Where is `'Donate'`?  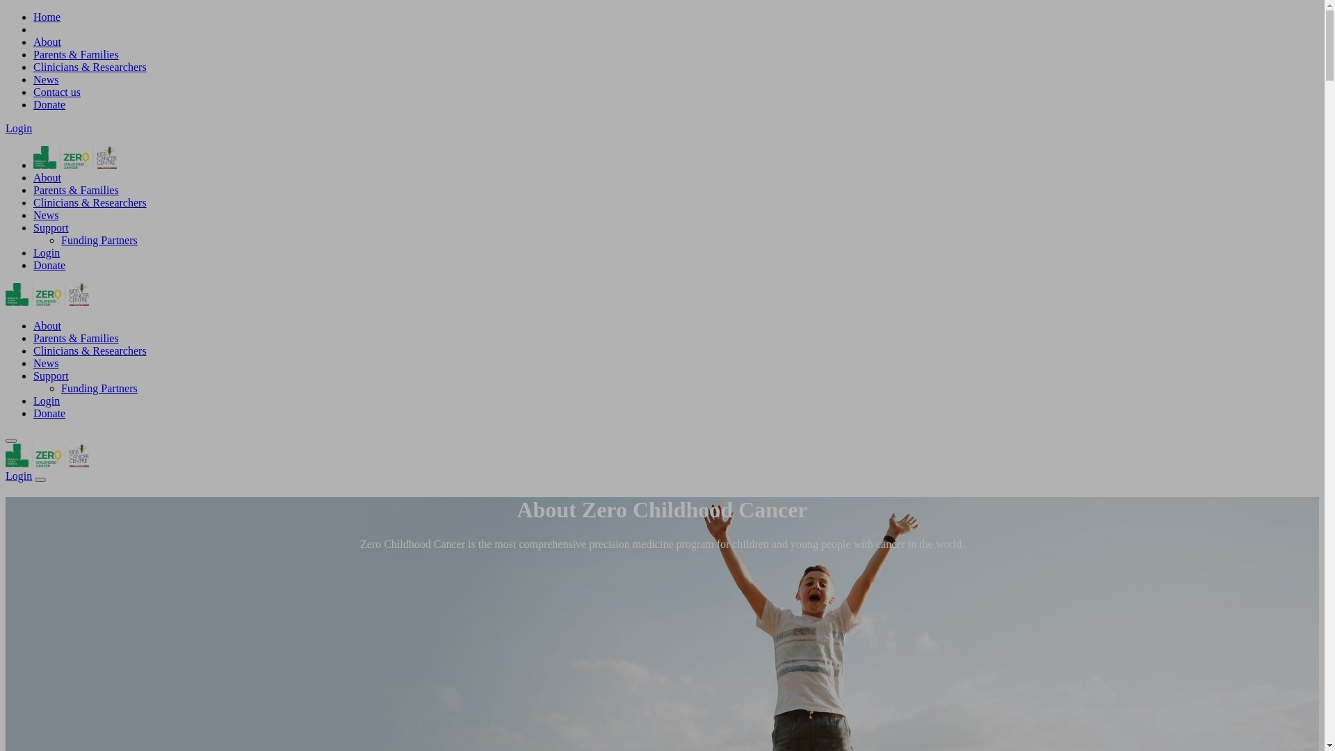 'Donate' is located at coordinates (49, 104).